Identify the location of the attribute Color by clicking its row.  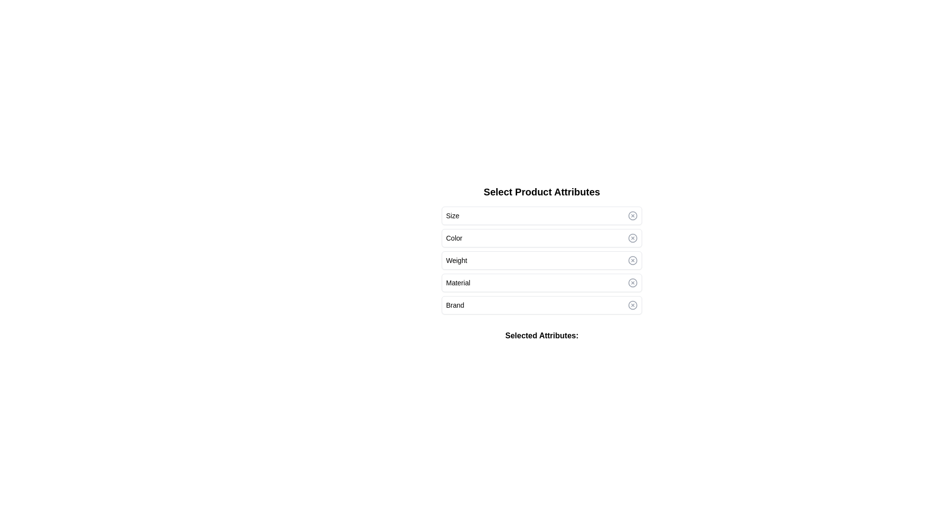
(541, 238).